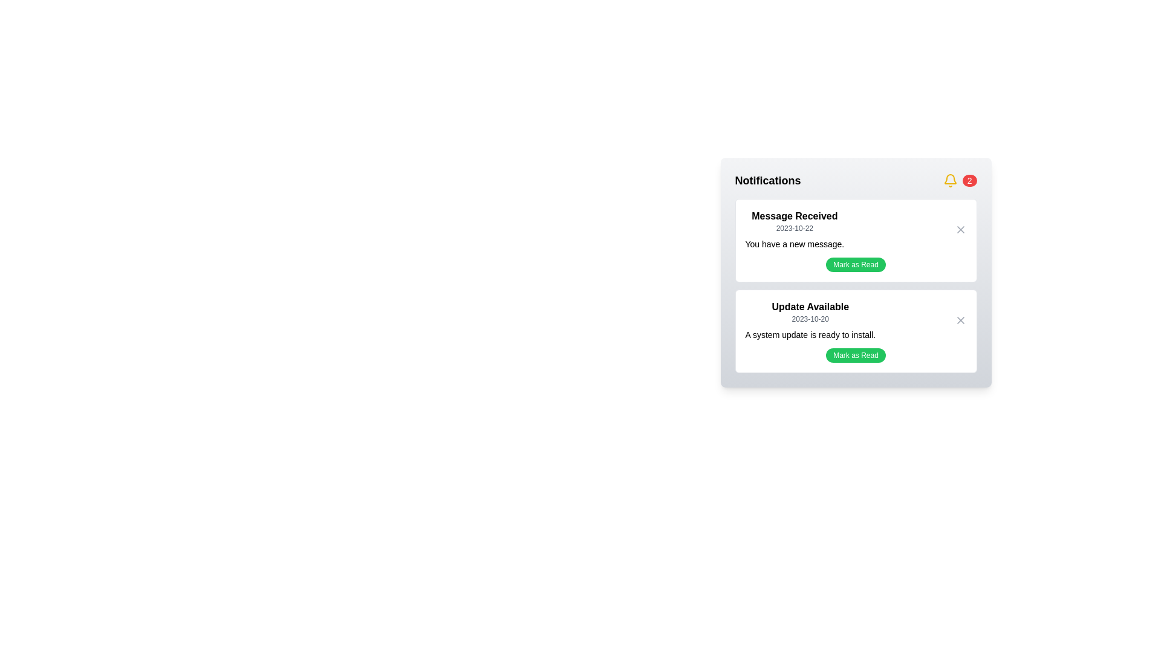  What do you see at coordinates (795, 216) in the screenshot?
I see `text label displaying 'Message Received' to understand the notification summary` at bounding box center [795, 216].